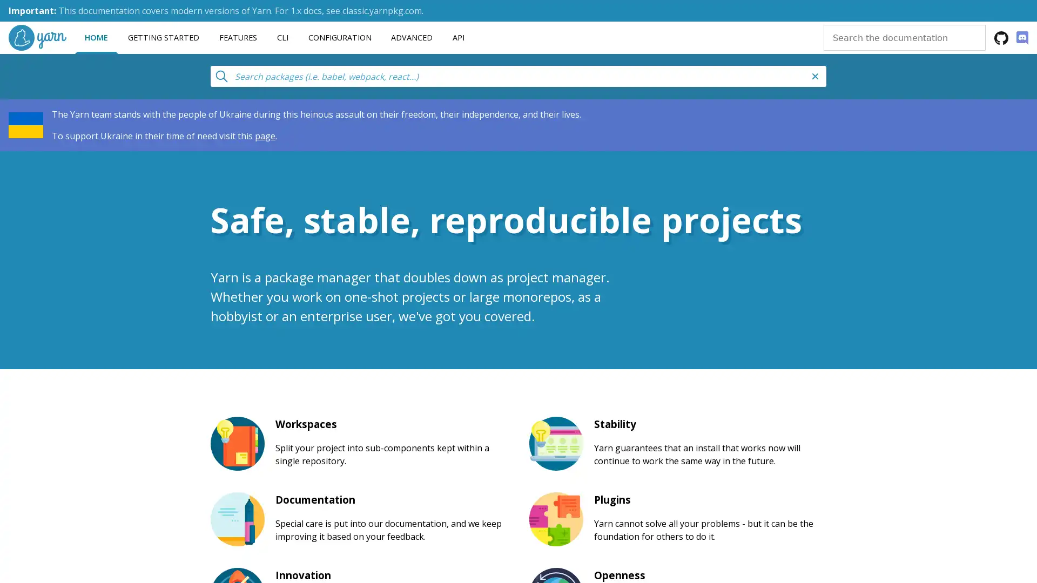 This screenshot has height=583, width=1037. Describe the element at coordinates (816, 76) in the screenshot. I see `Clear the search query.` at that location.